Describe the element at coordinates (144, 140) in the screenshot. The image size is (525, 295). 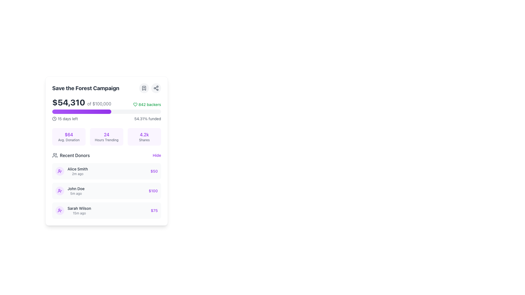
I see `the small text label reading 'Shares' which is styled in gray and located beneath the purple number '4.2k'` at that location.